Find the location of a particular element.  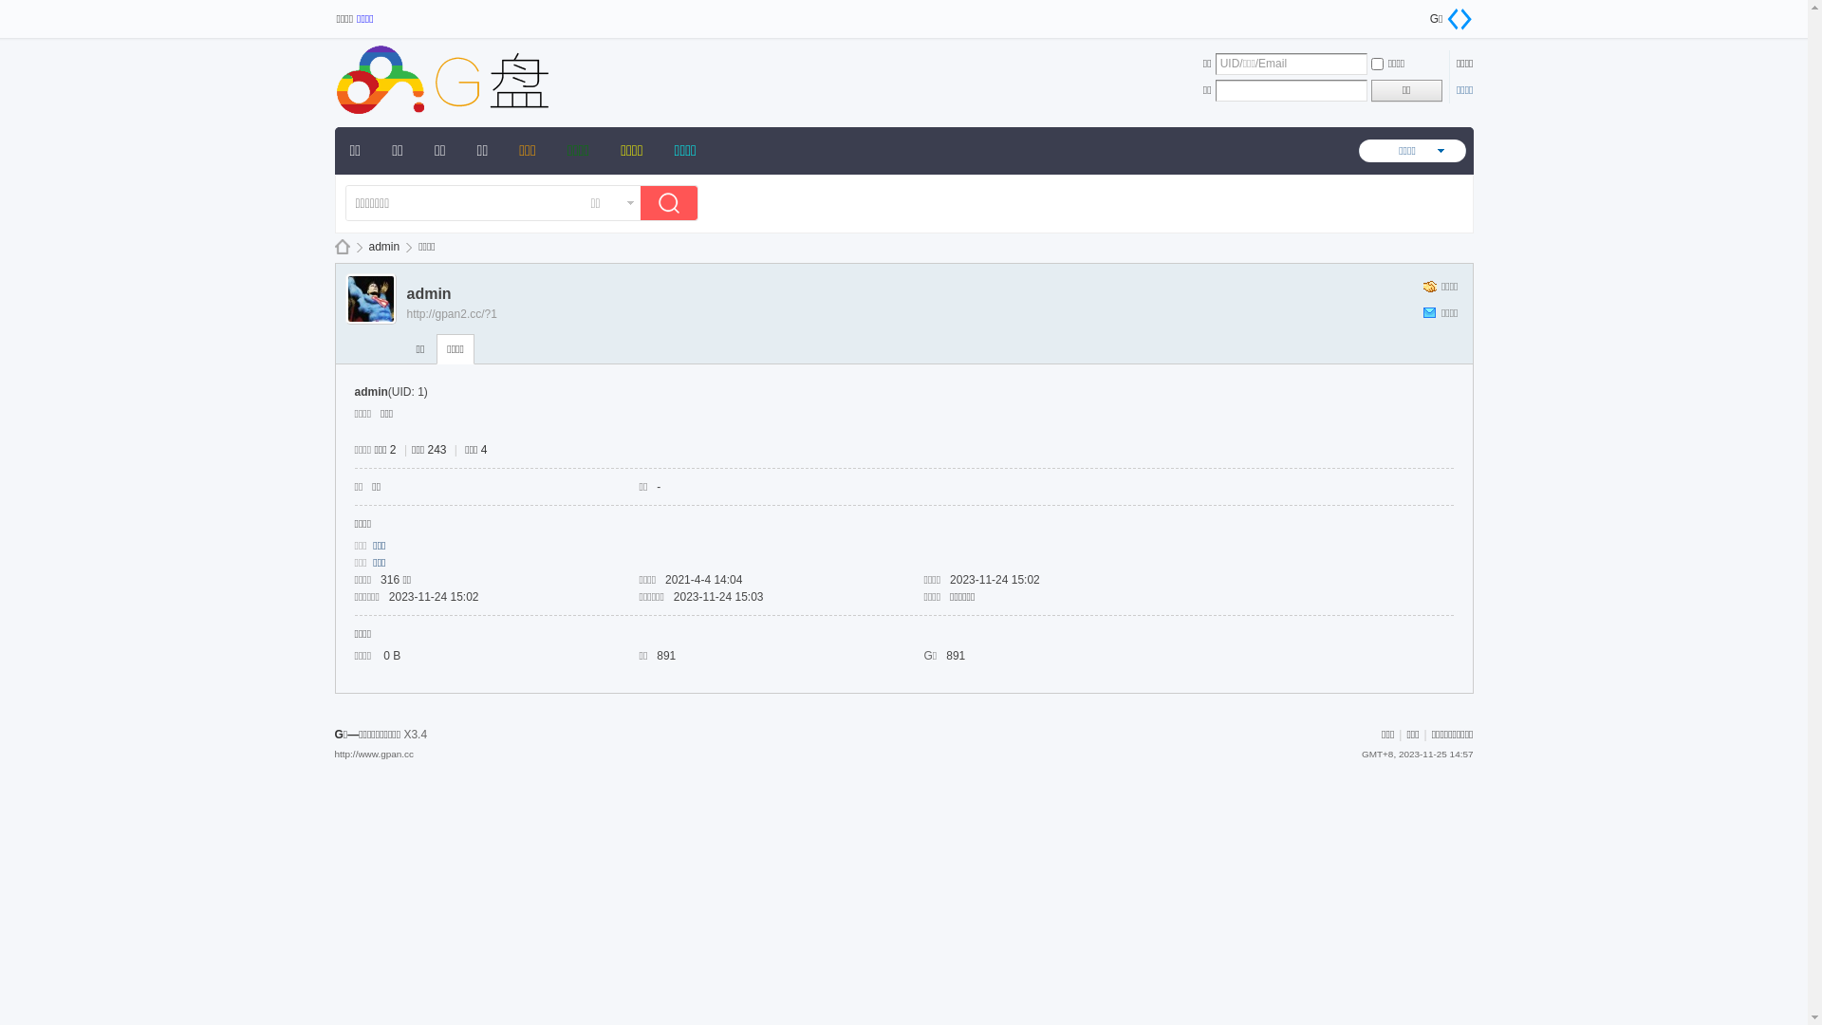

'true' is located at coordinates (639, 205).